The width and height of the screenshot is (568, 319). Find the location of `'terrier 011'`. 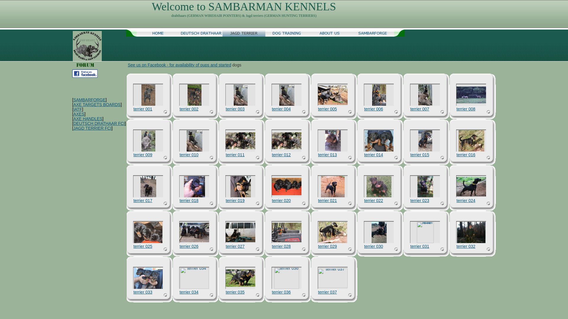

'terrier 011' is located at coordinates (235, 154).